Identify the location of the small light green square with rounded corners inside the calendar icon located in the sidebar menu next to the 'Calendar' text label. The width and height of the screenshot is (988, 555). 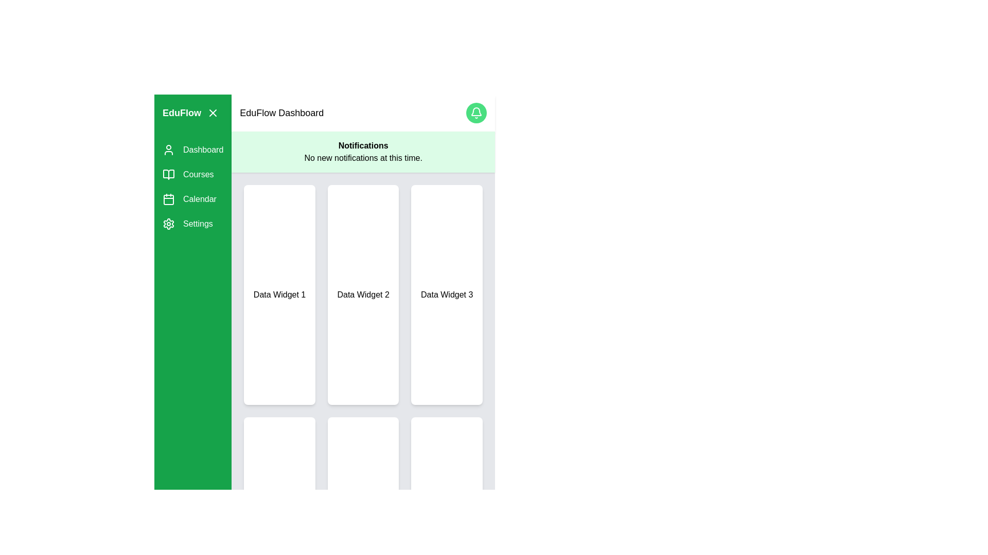
(168, 200).